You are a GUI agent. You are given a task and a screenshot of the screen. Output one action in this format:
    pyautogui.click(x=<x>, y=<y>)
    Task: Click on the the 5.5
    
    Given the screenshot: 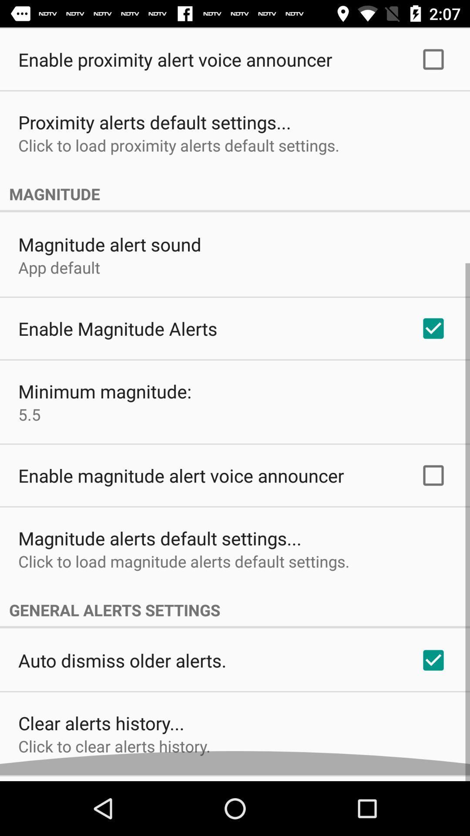 What is the action you would take?
    pyautogui.click(x=29, y=420)
    